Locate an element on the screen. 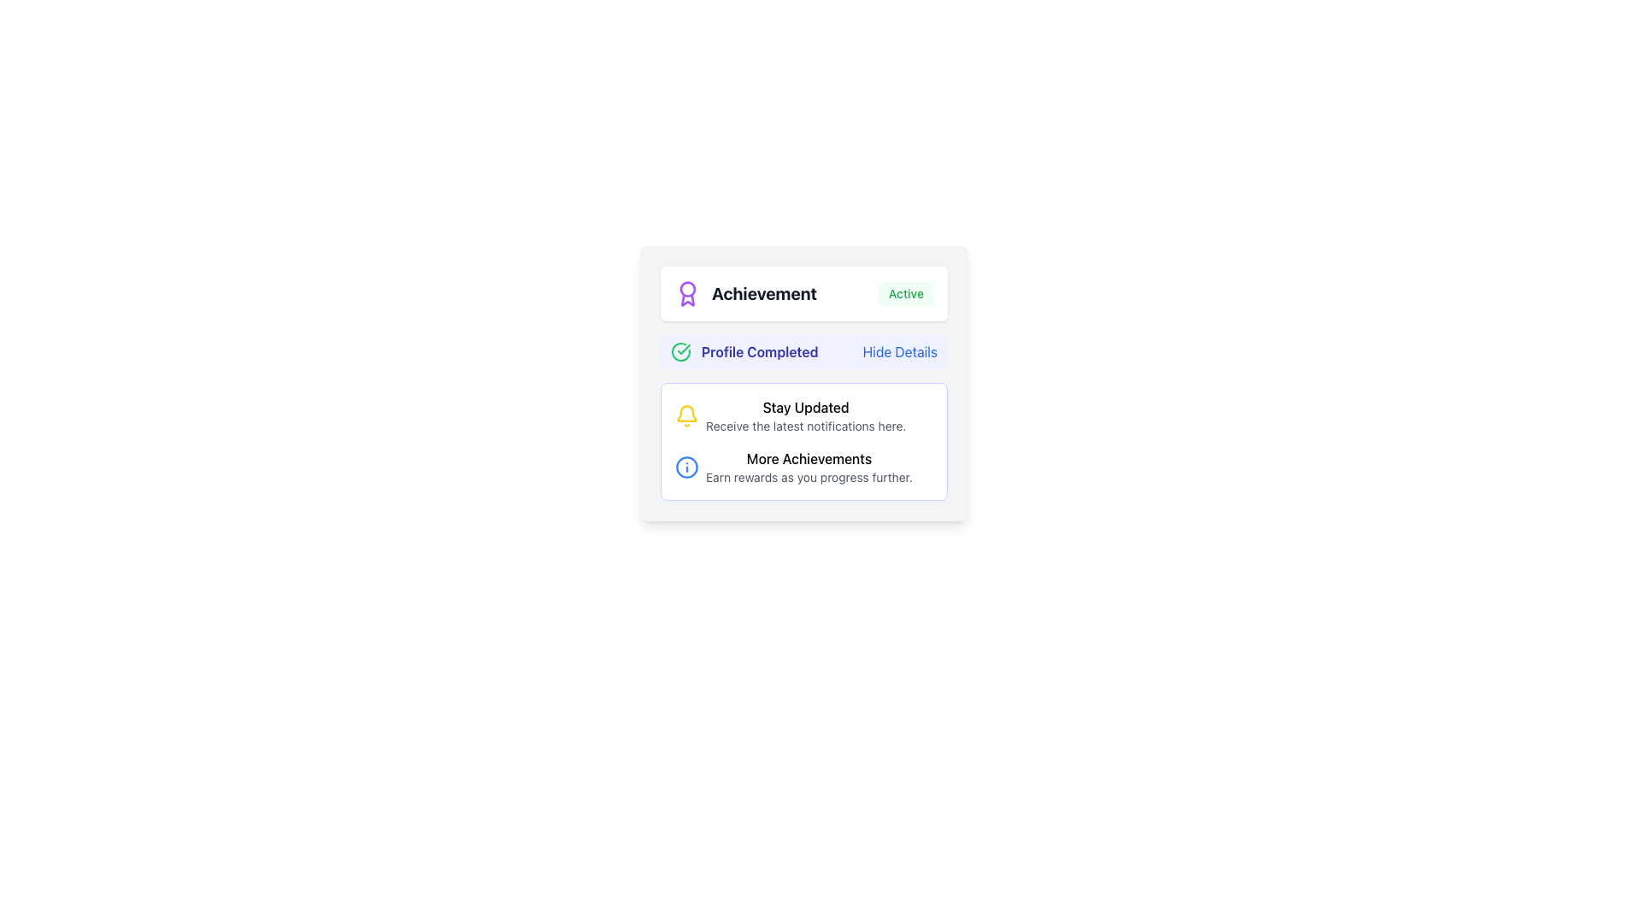  the static text that provides descriptive information about the 'Stay Updated' feature, located below the 'Stay Updated' text within a highlighted section of the interface is located at coordinates (805, 425).